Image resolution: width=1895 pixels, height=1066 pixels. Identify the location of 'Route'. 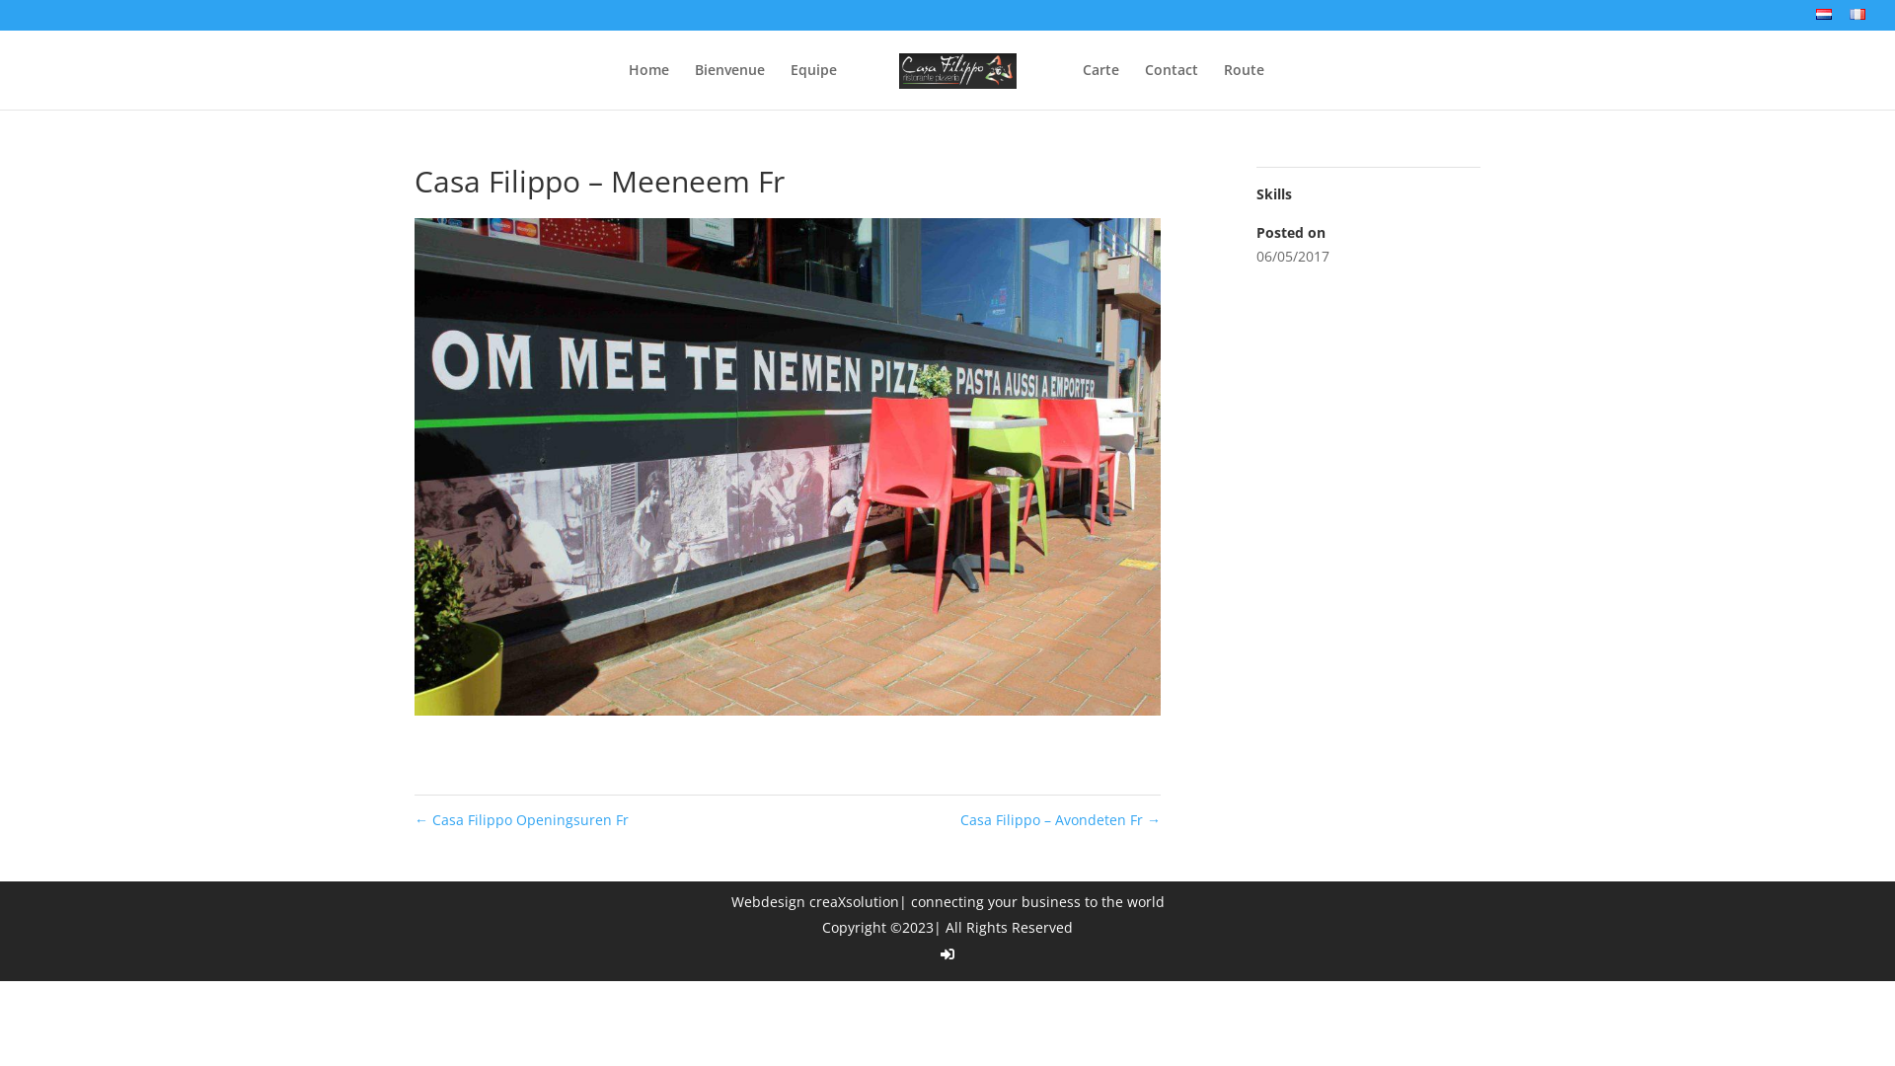
(1243, 85).